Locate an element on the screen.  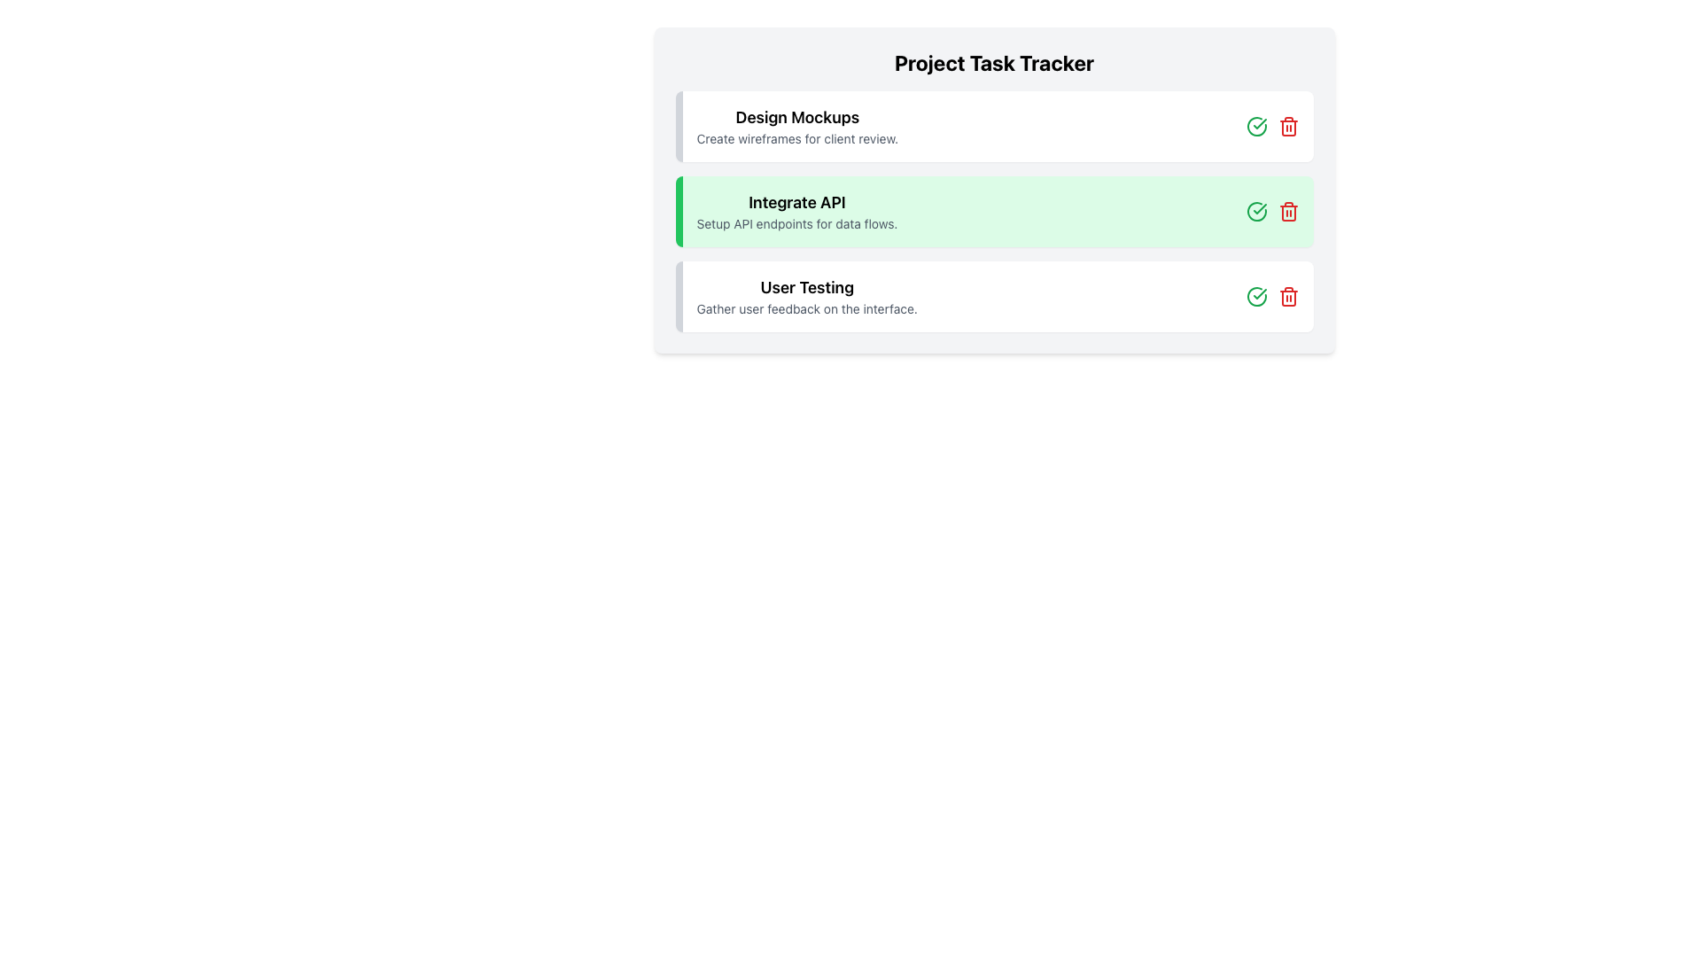
text content displaying 'Integrate API' and 'Setup API endpoints for data flows.' which is located under the title 'Project Task Tracker' on a light green background is located at coordinates (796, 211).